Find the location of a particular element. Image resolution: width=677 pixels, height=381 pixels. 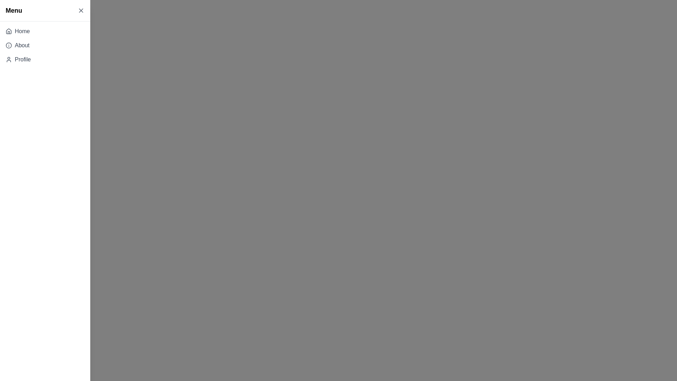

the 'Profile' hyperlink, the third item in the vertical menu list on the left sidebar is located at coordinates (23, 59).